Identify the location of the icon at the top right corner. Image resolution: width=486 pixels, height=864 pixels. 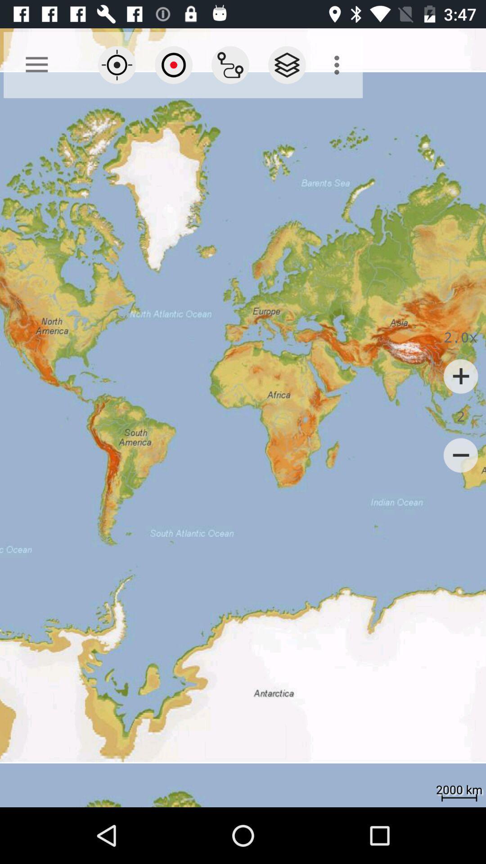
(339, 64).